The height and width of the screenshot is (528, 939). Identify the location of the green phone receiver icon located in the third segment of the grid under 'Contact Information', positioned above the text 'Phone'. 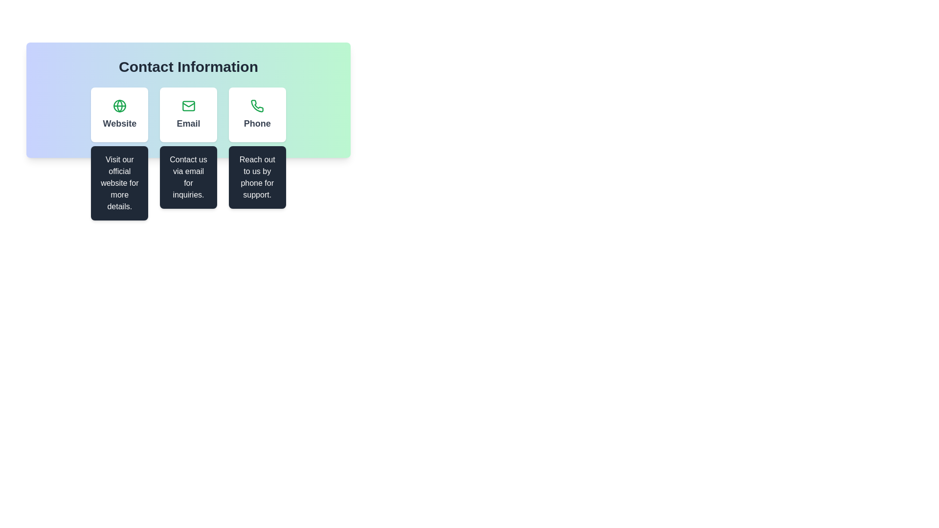
(257, 106).